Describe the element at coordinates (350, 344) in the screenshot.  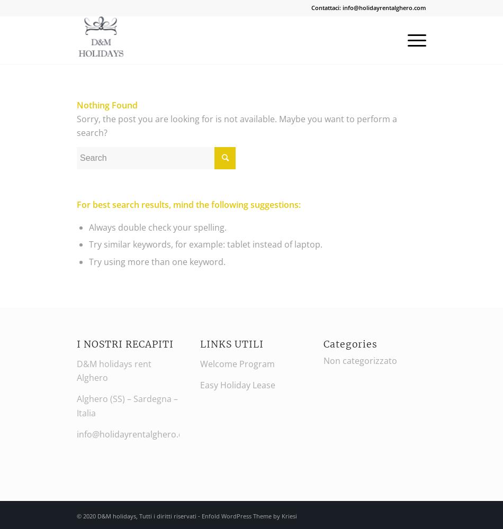
I see `'Categories'` at that location.